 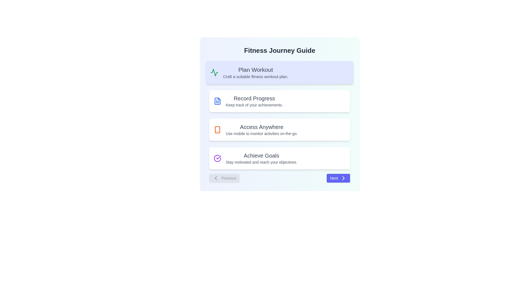 What do you see at coordinates (255, 76) in the screenshot?
I see `the descriptive label that clarifies the purpose of the 'Plan Workout' option, positioned below the heading 'Plan Workout'` at bounding box center [255, 76].